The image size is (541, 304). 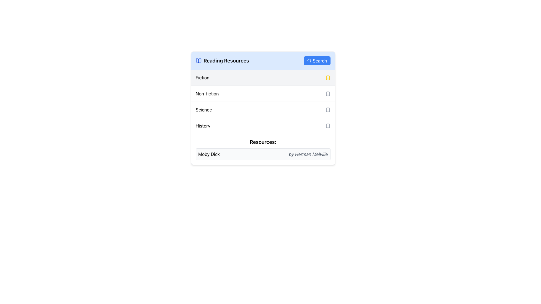 What do you see at coordinates (317, 61) in the screenshot?
I see `the button located` at bounding box center [317, 61].